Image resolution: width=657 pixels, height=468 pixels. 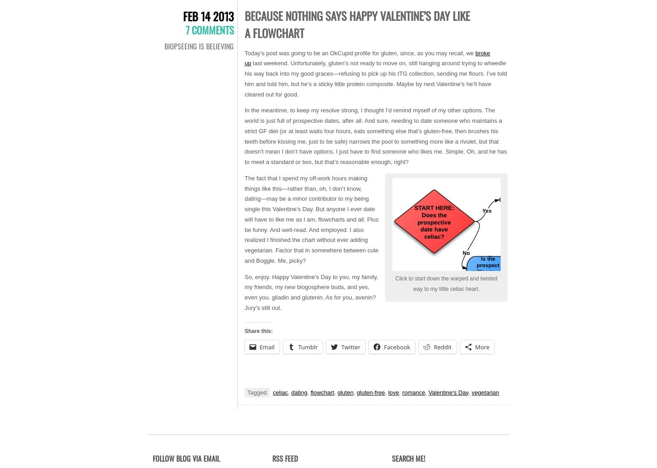 I want to click on '7 Comments', so click(x=209, y=29).